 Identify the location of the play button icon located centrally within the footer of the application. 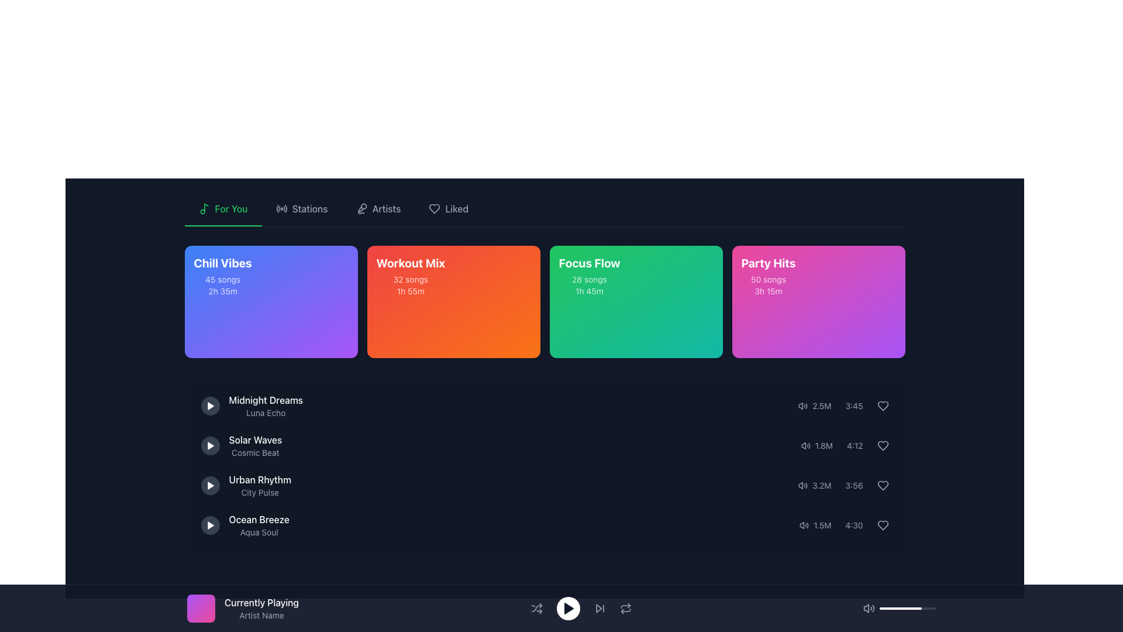
(569, 608).